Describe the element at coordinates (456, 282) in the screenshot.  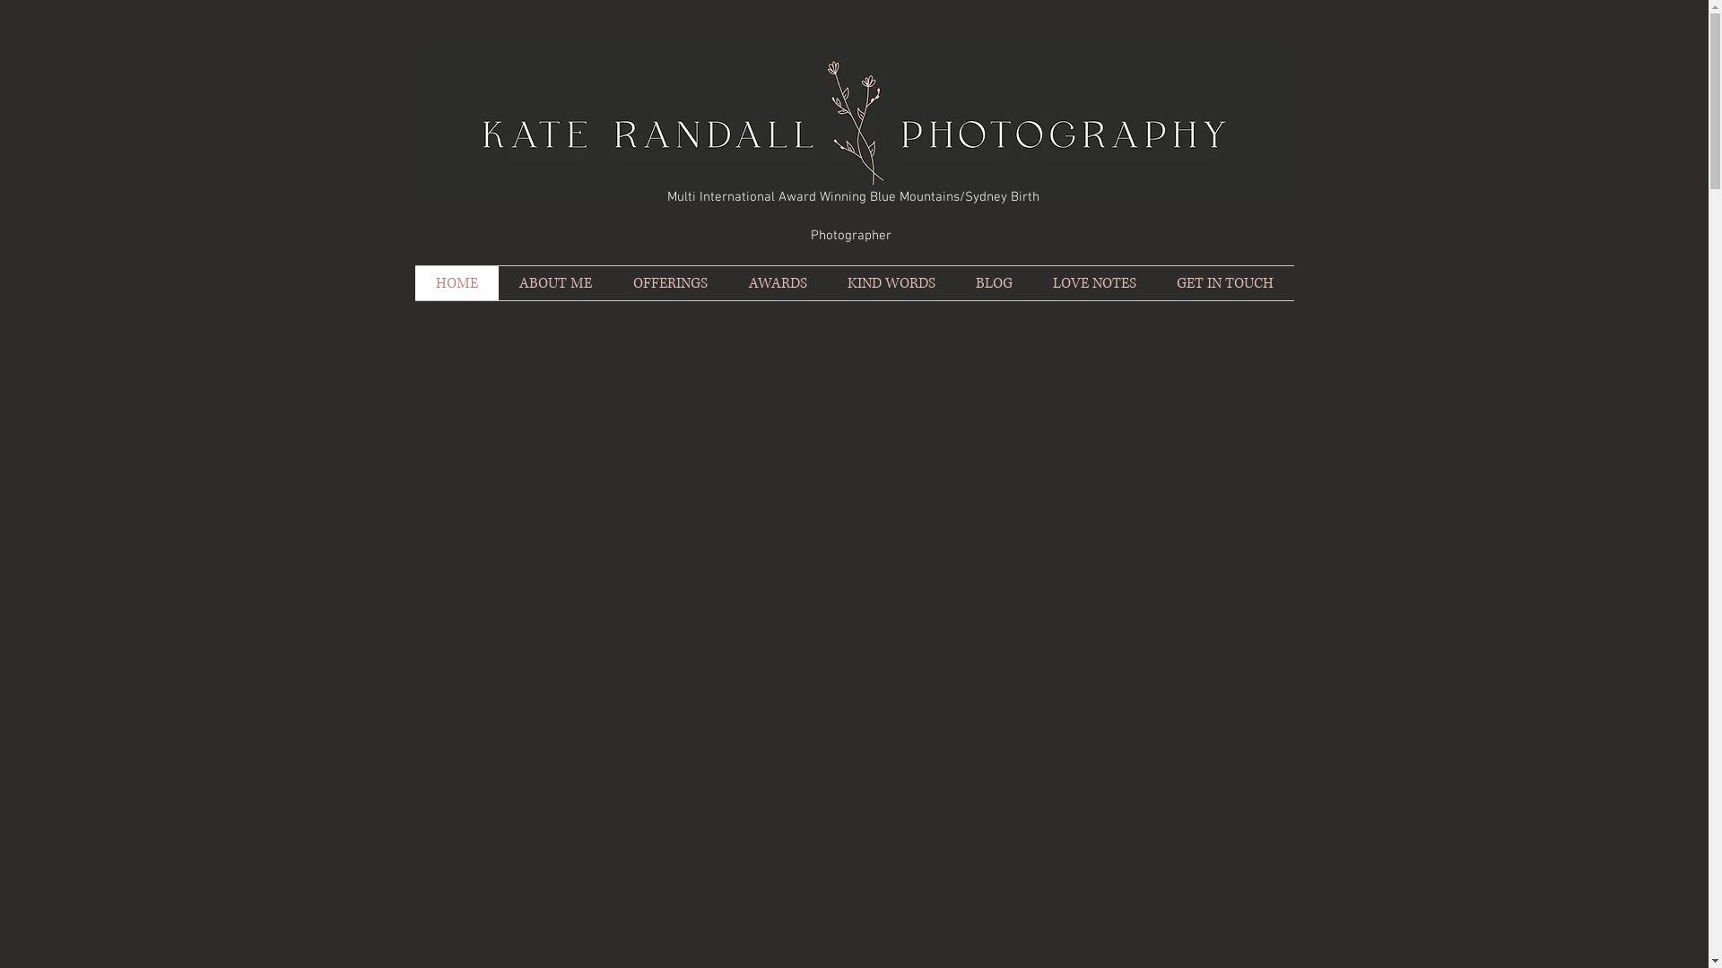
I see `'HOME'` at that location.